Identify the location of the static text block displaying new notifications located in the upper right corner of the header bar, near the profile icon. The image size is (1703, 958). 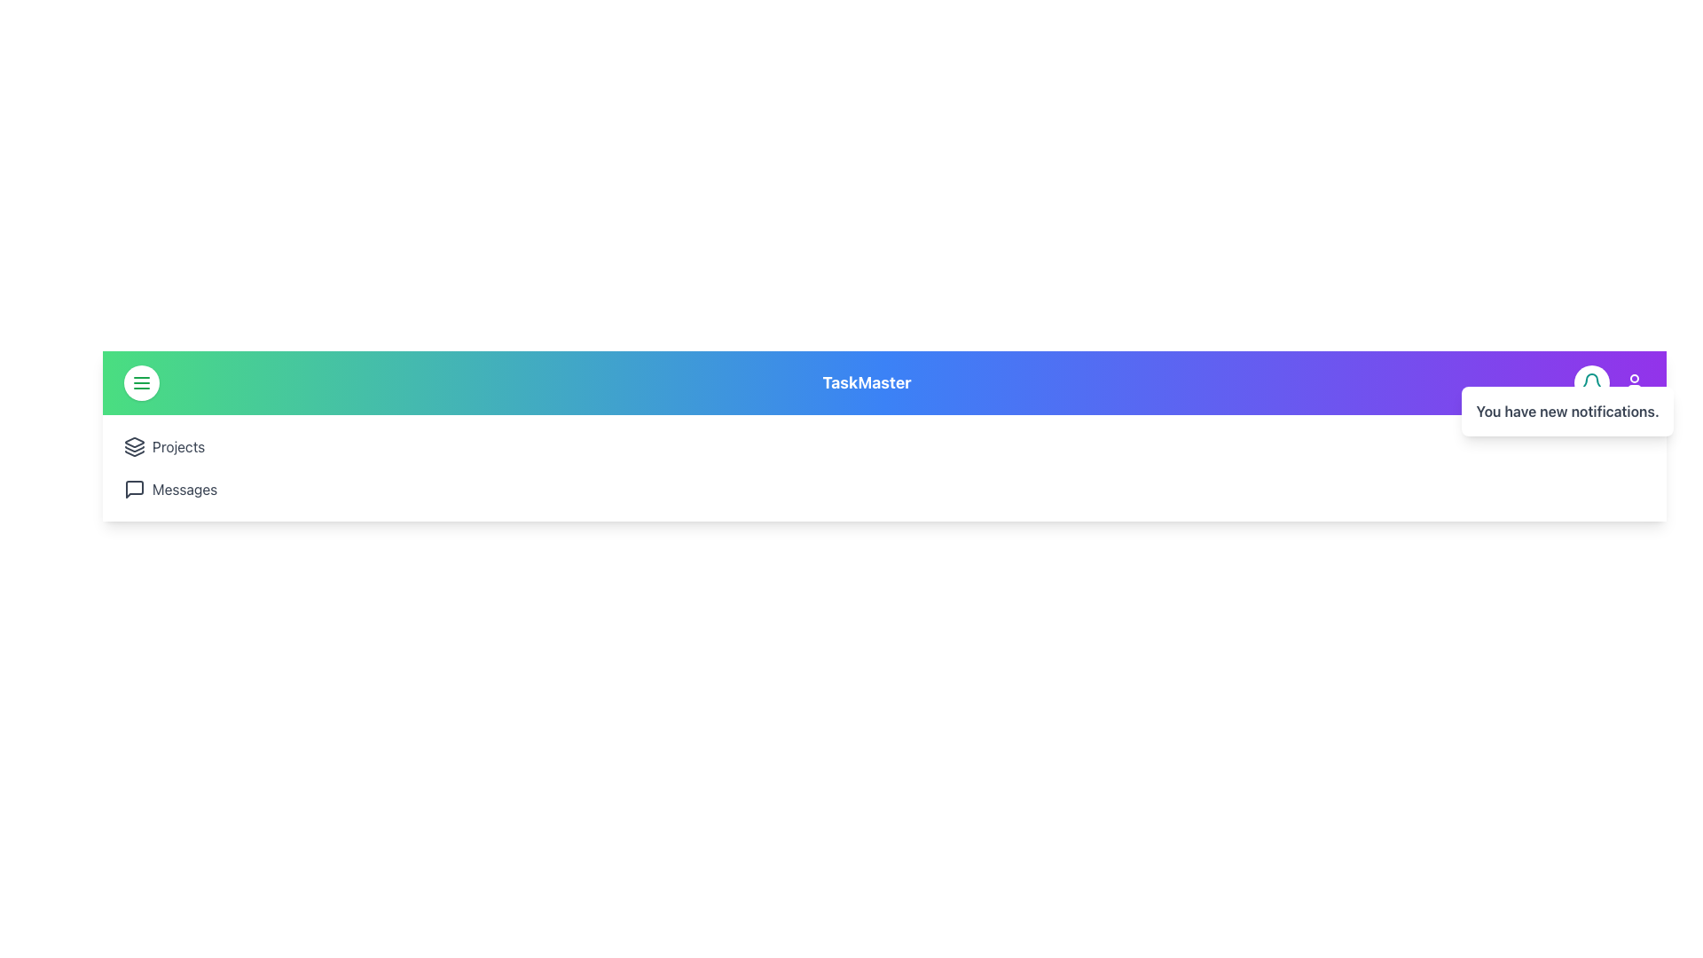
(1567, 411).